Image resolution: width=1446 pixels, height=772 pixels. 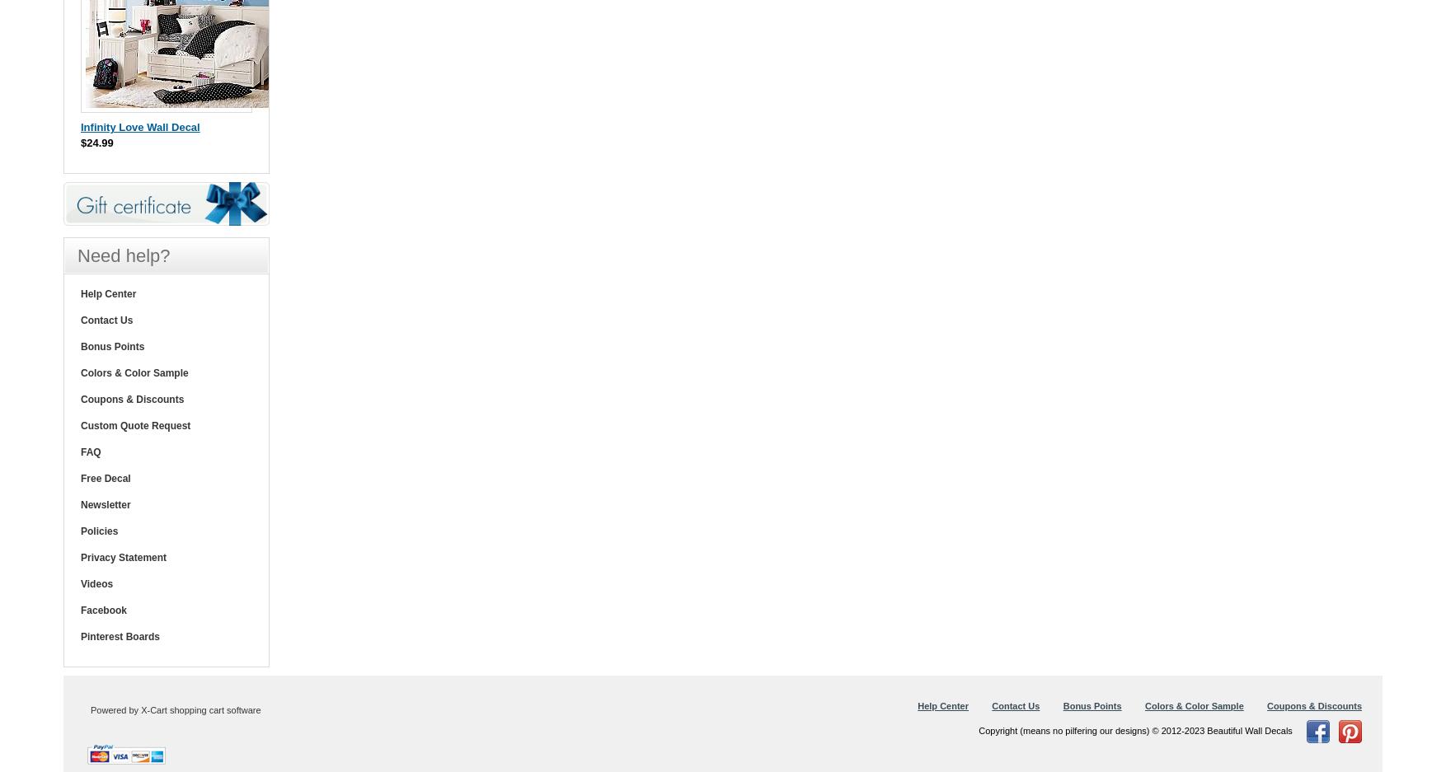 I want to click on 'Privacy Statement', so click(x=122, y=556).